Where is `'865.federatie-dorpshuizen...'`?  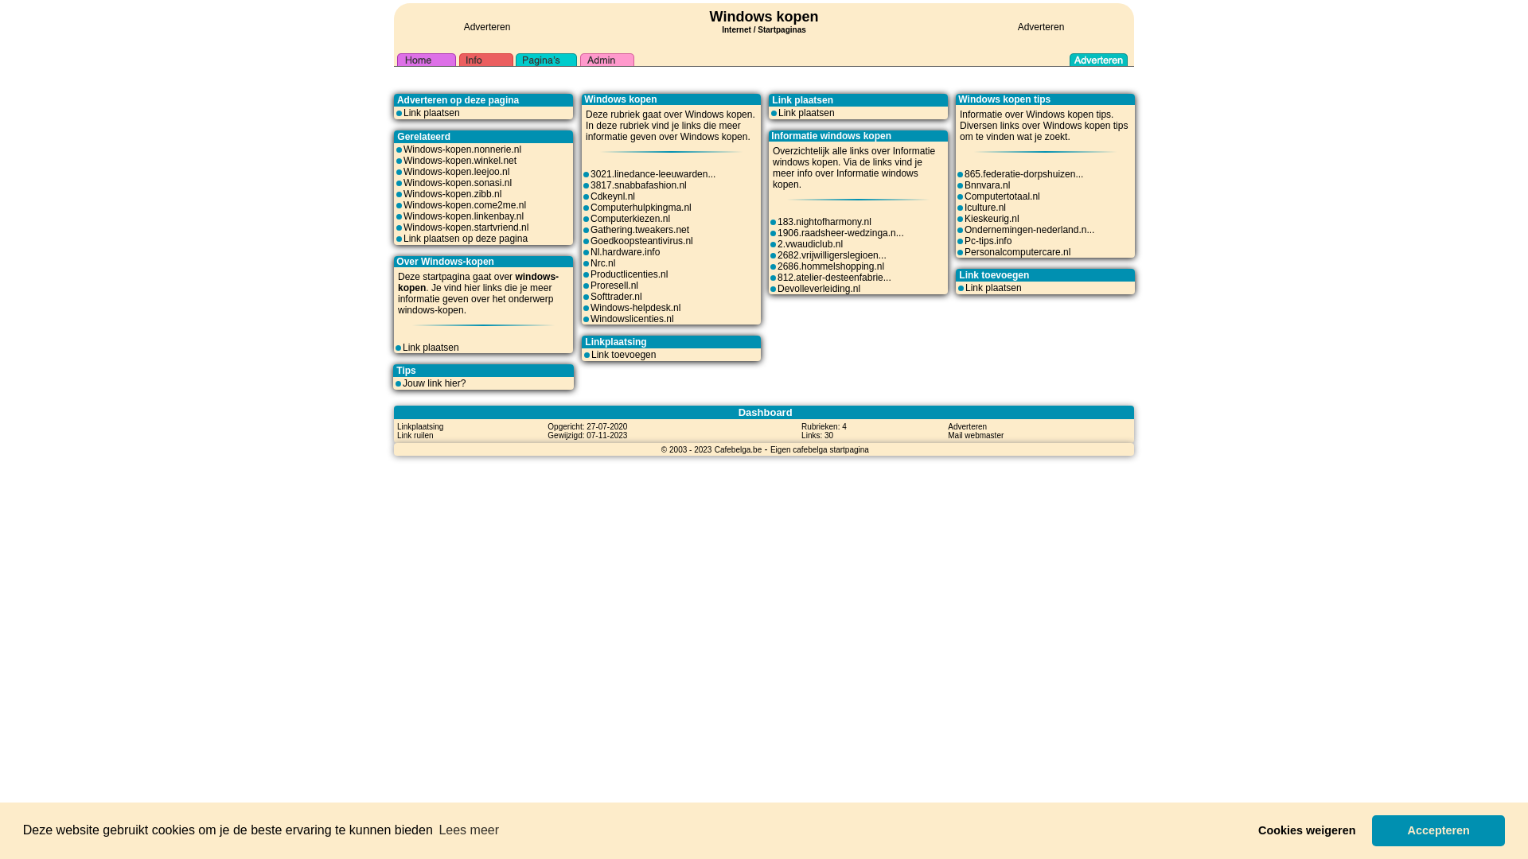 '865.federatie-dorpshuizen...' is located at coordinates (1023, 174).